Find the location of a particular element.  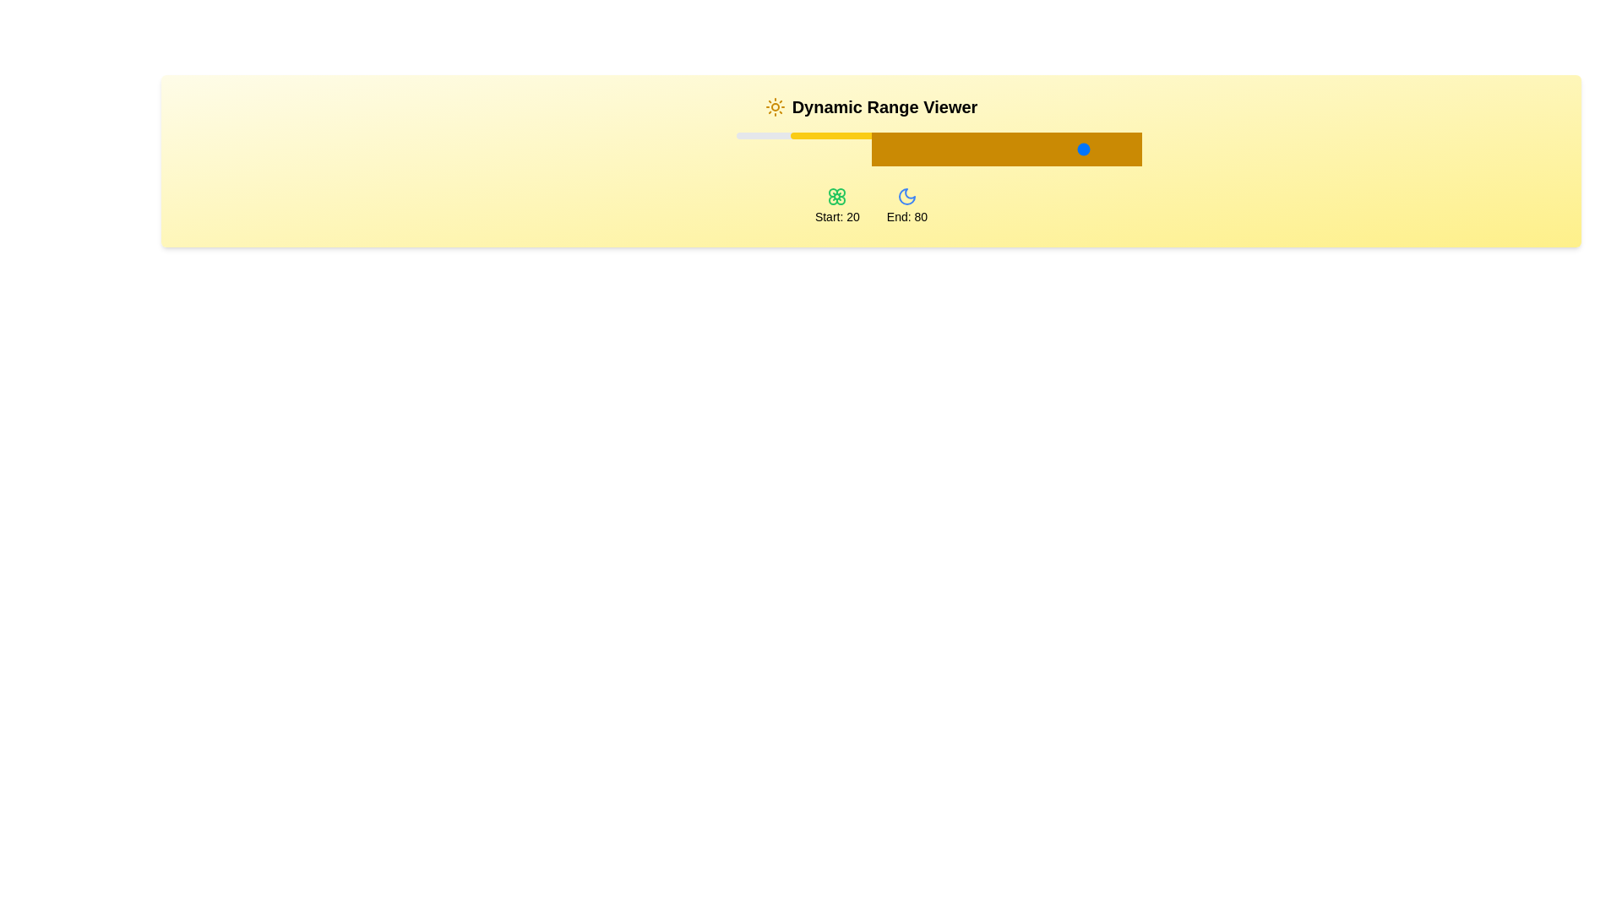

the slider value is located at coordinates (1014, 149).